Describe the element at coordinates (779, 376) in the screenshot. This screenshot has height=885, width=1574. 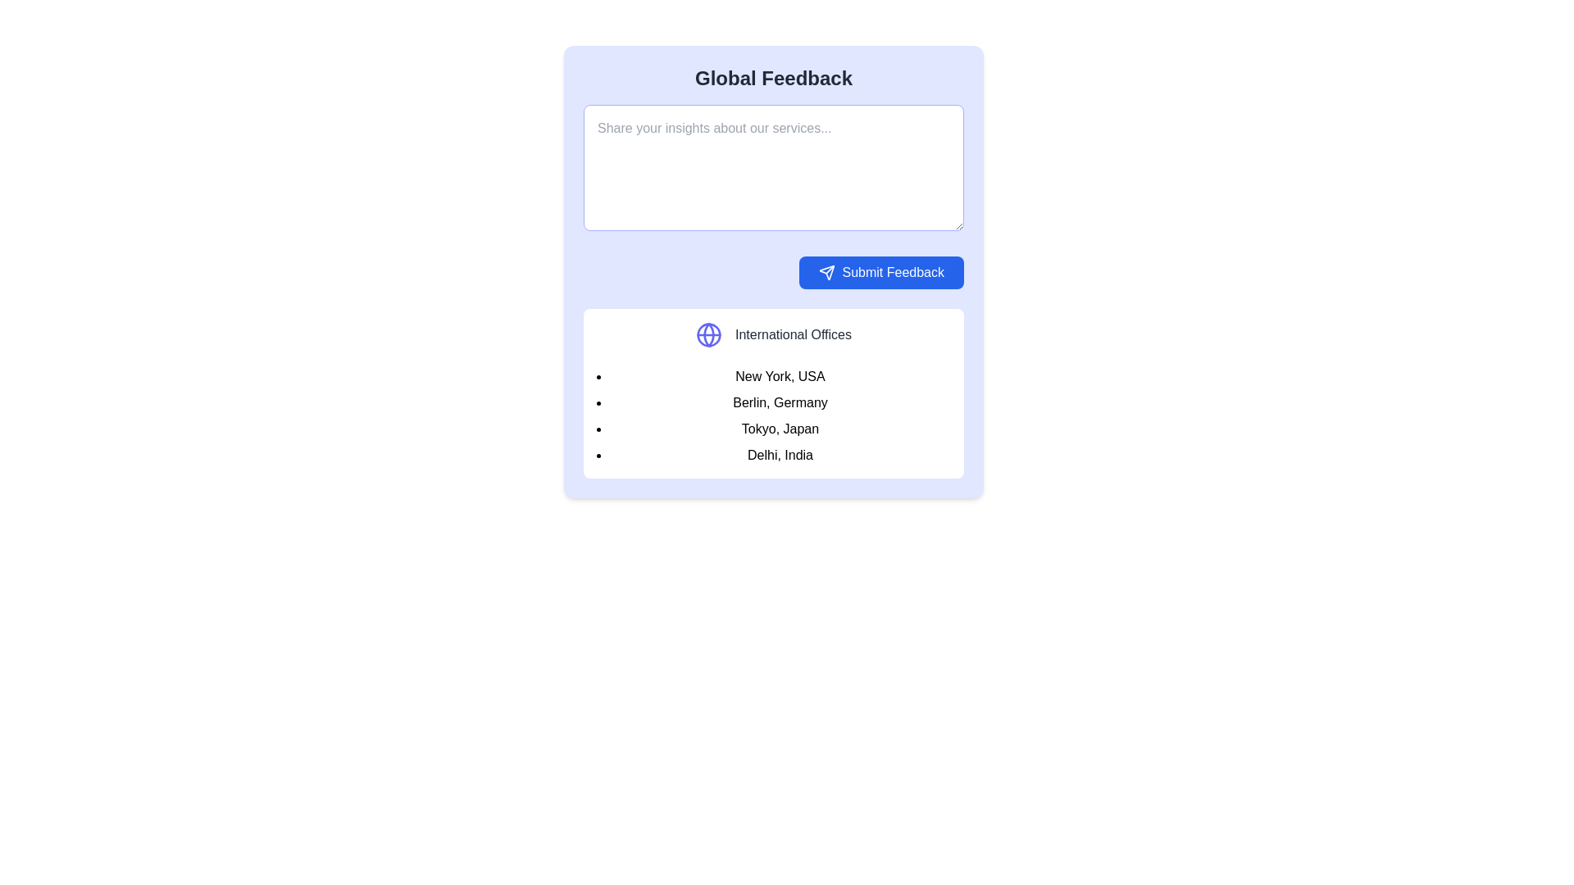
I see `the text label representing 'New York, USA', which is the first item in the list of international office locations below the 'International Offices' section heading` at that location.